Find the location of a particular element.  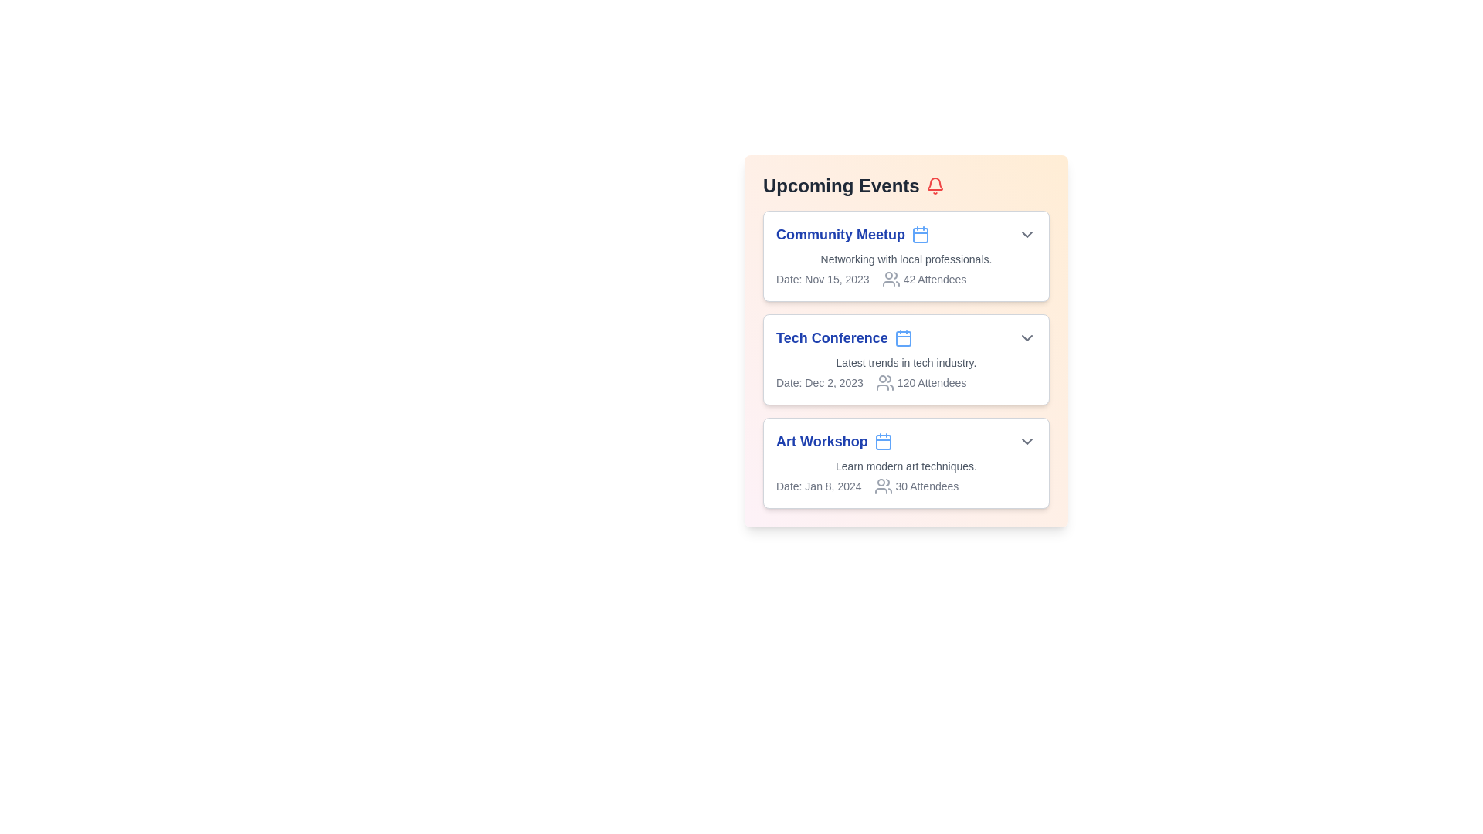

the dropdown button of the event titled Art Workshop to expand or collapse its details is located at coordinates (1027, 441).